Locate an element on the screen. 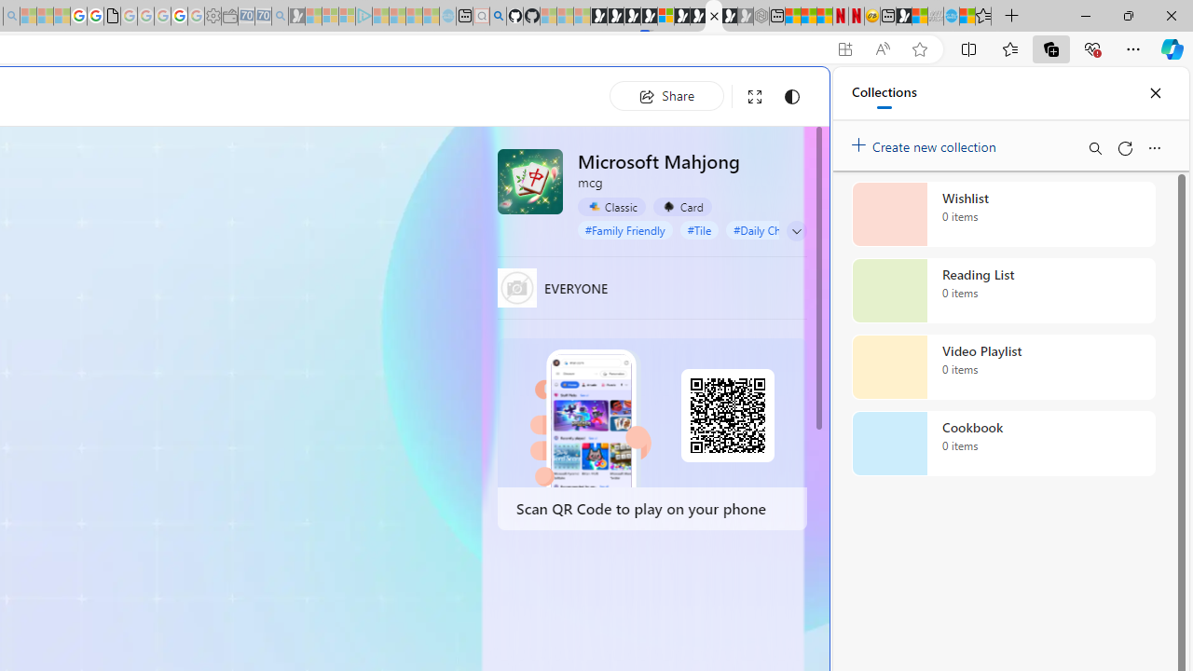  'github - Search' is located at coordinates (498, 16).